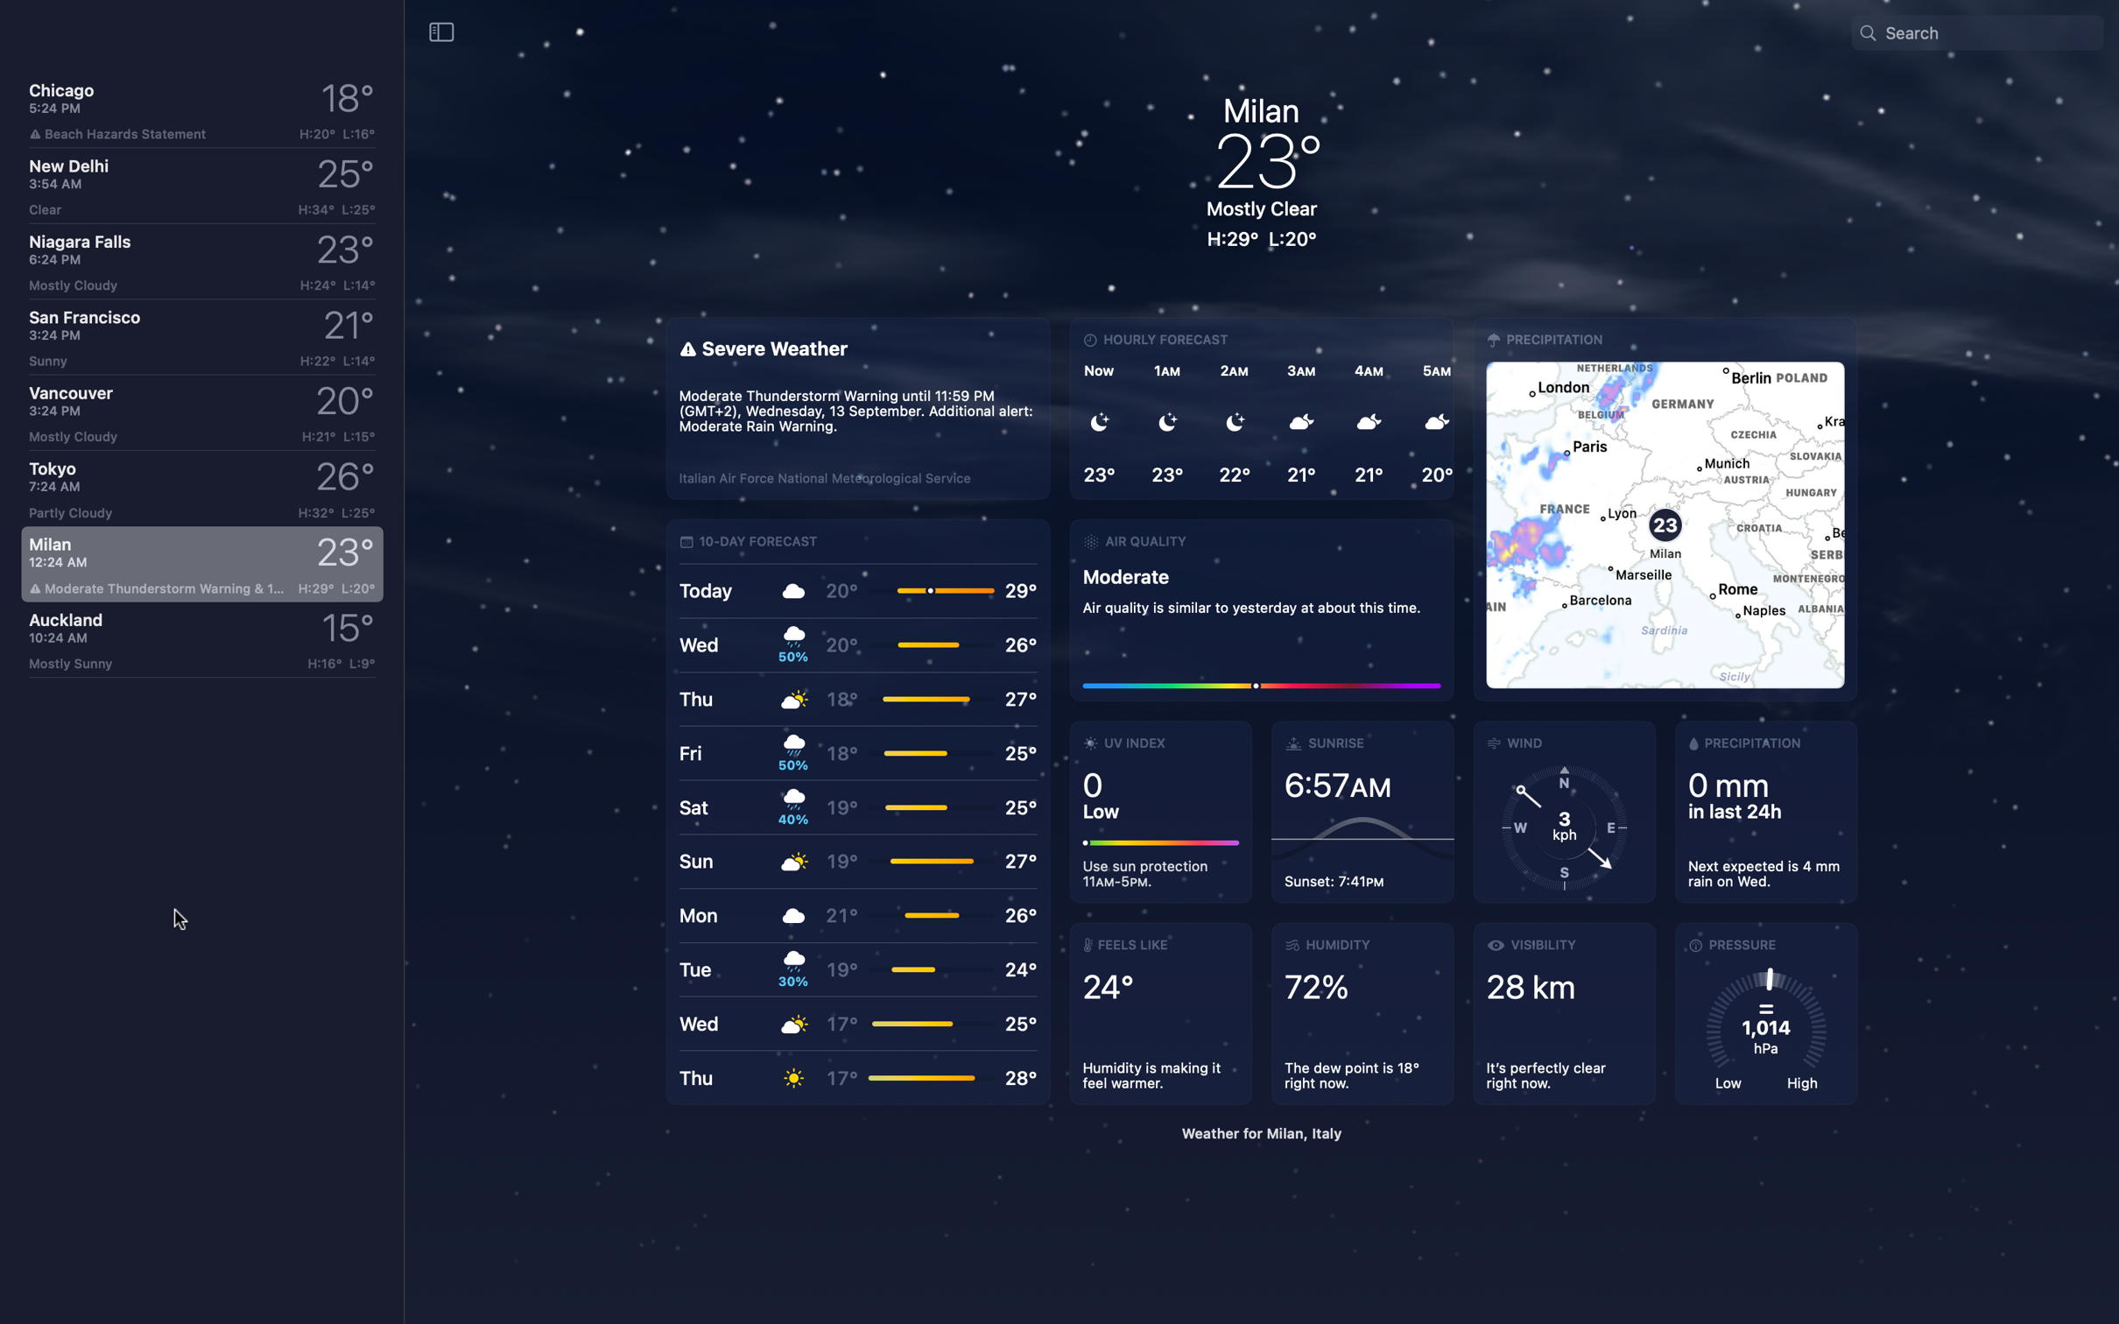 This screenshot has width=2119, height=1324. I want to click on Retrieve extensive data about Milan"s atmospheric condition, so click(1261, 607).